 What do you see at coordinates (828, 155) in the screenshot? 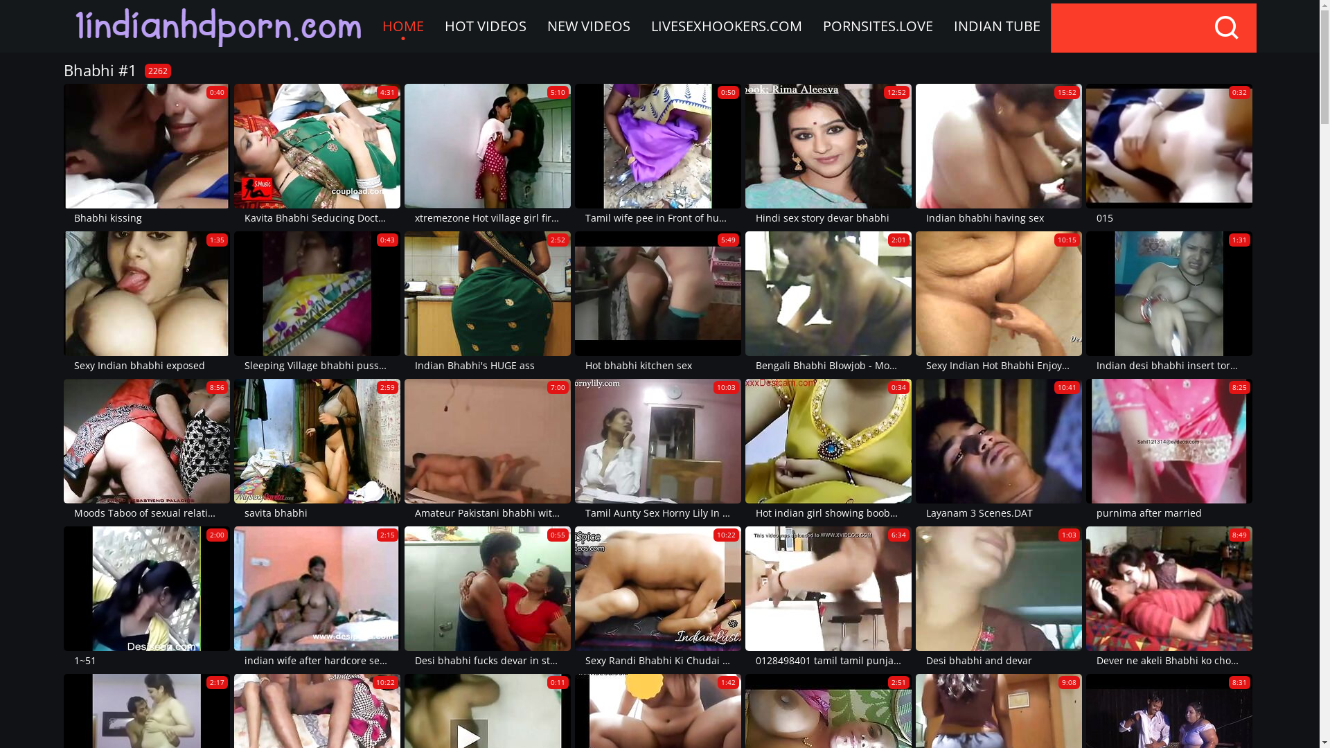
I see `'12:52` at bounding box center [828, 155].